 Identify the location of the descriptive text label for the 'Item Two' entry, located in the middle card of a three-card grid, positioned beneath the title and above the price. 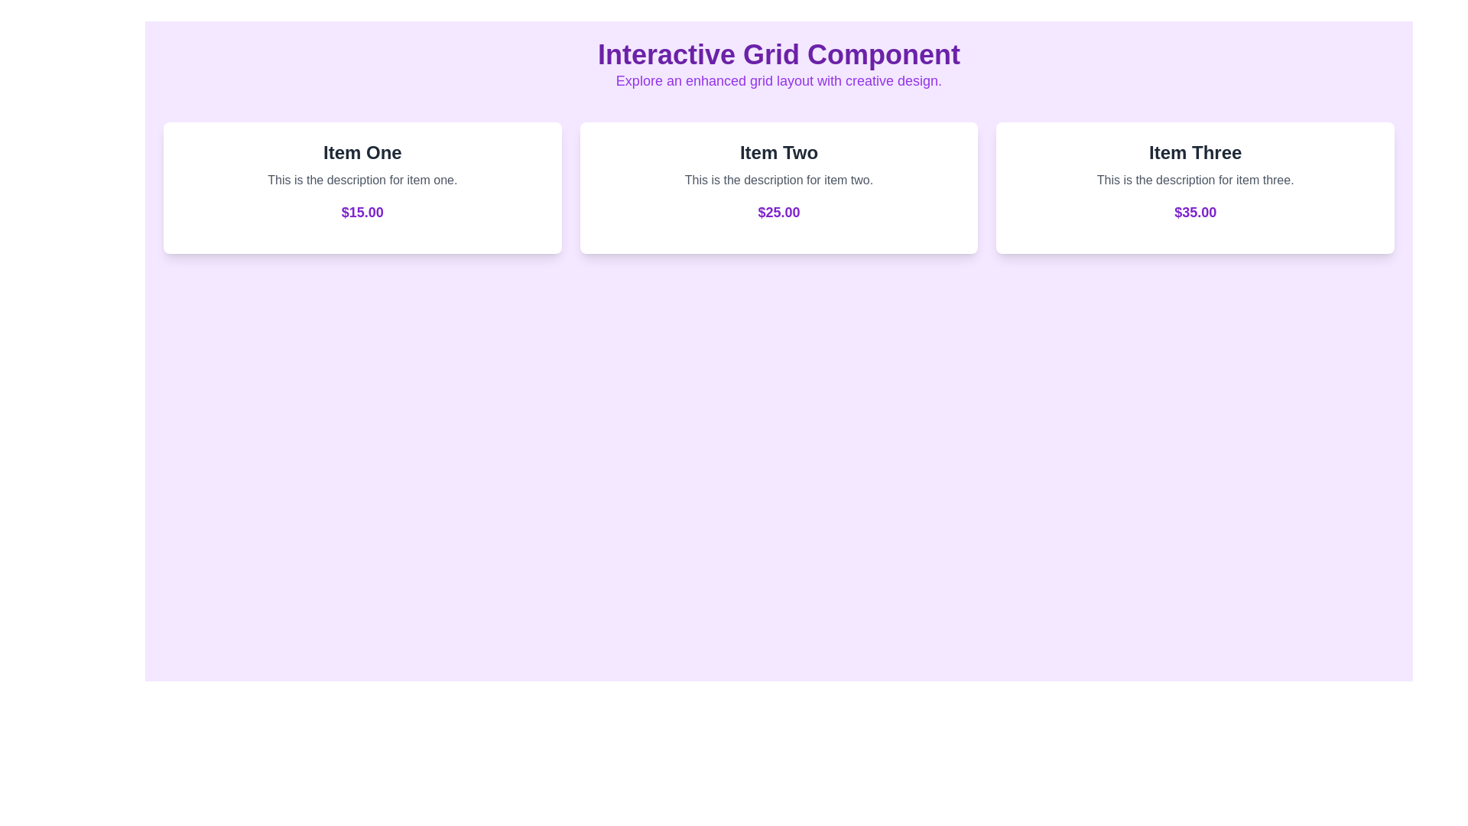
(778, 179).